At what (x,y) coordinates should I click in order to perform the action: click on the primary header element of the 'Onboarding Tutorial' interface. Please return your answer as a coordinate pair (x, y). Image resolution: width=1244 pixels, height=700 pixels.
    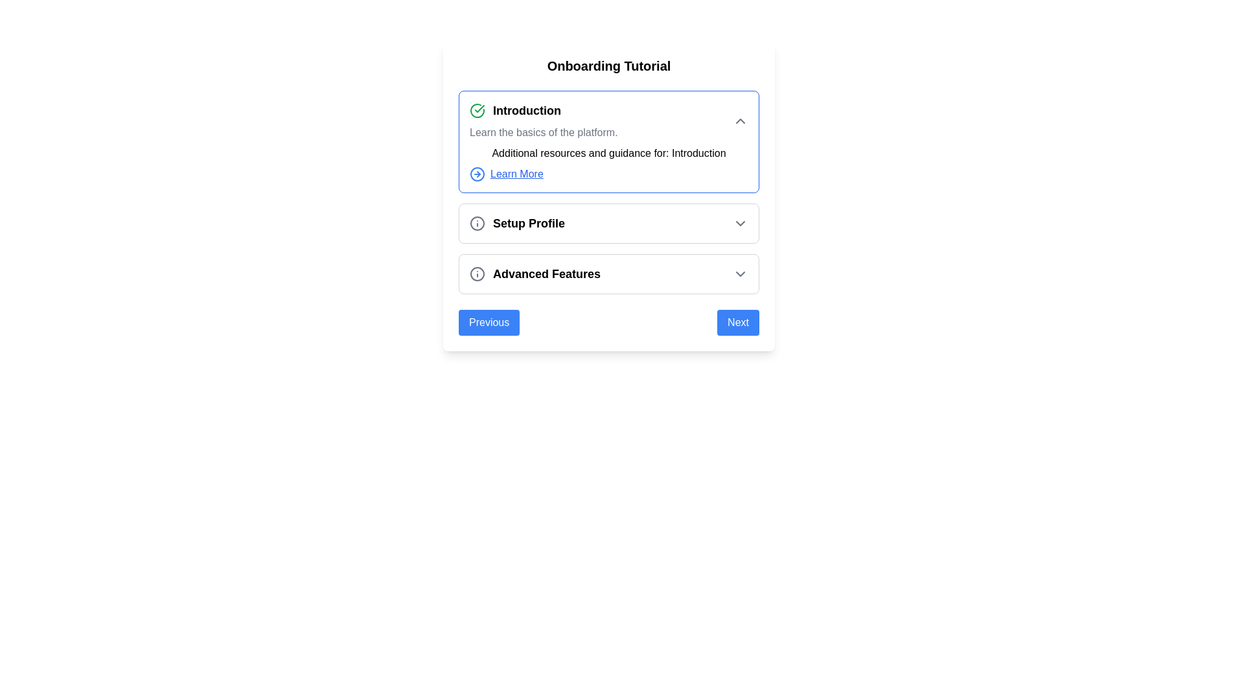
    Looking at the image, I should click on (544, 110).